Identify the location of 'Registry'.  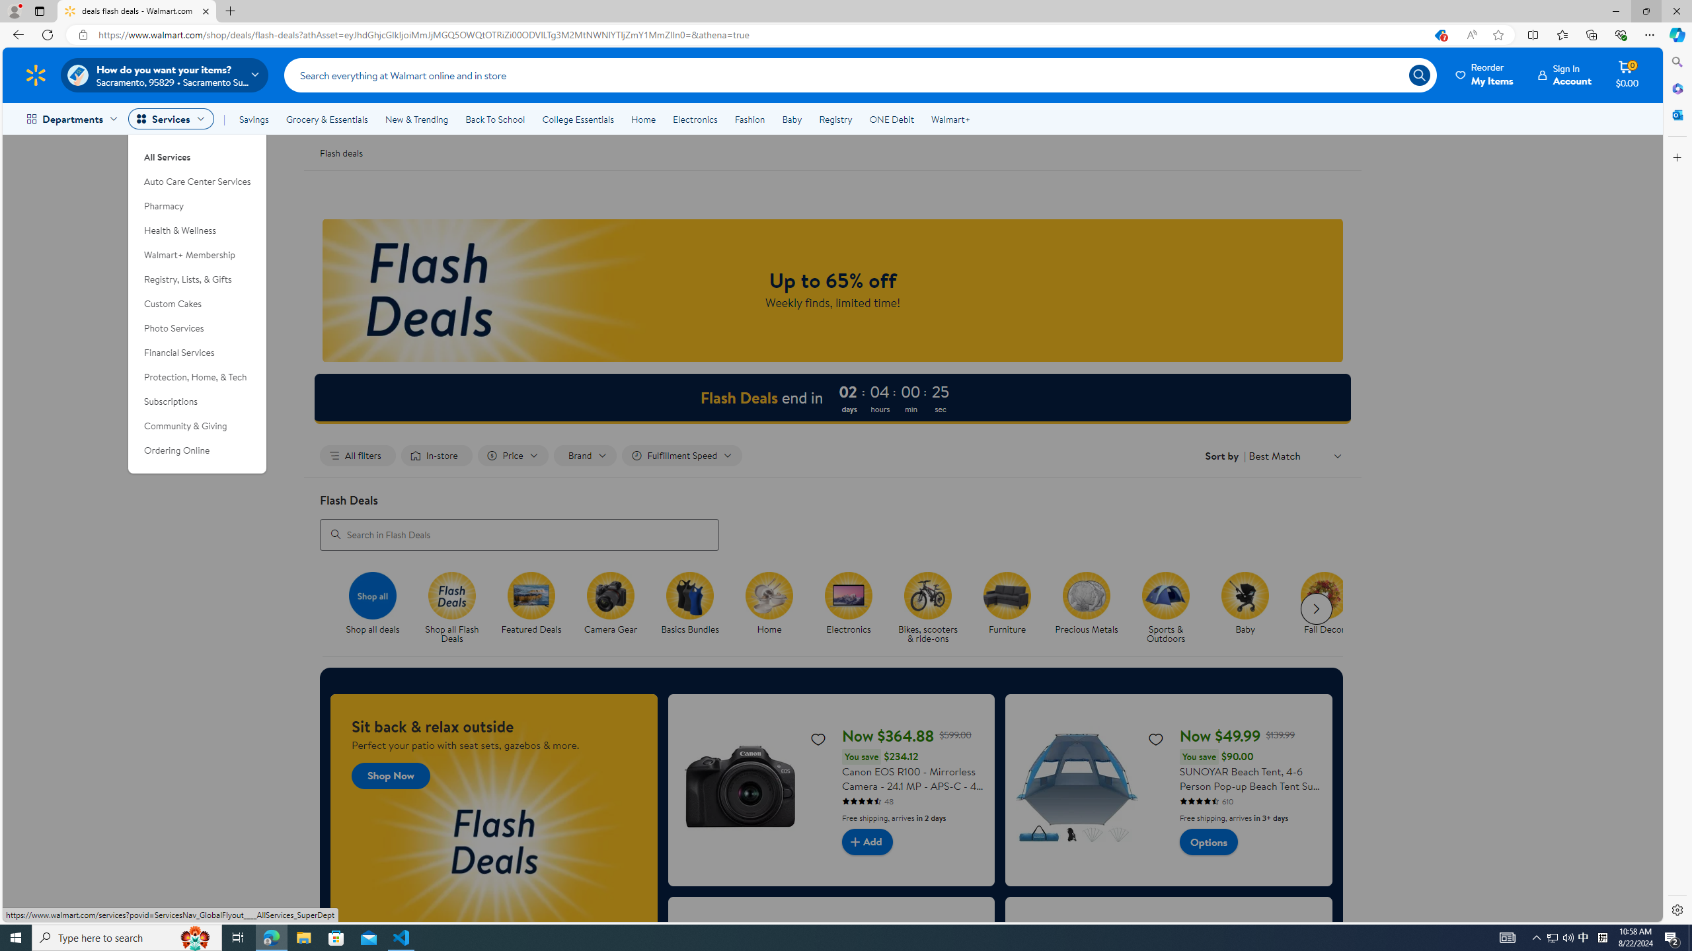
(835, 119).